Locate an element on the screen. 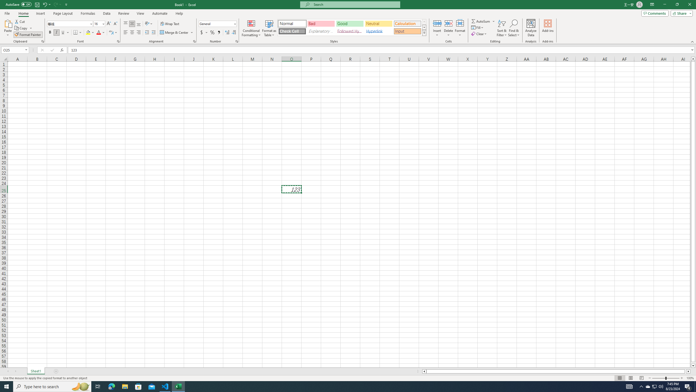 The width and height of the screenshot is (696, 392). 'Line up' is located at coordinates (693, 59).